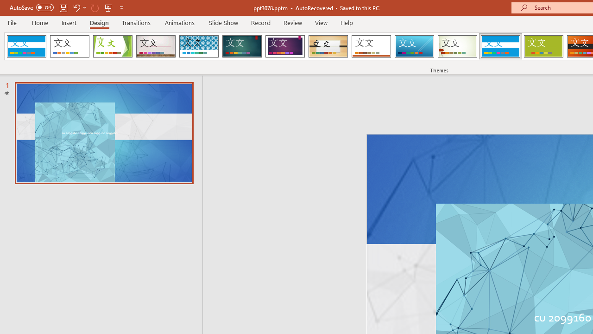 This screenshot has width=593, height=334. Describe the element at coordinates (112, 46) in the screenshot. I see `'Facet'` at that location.